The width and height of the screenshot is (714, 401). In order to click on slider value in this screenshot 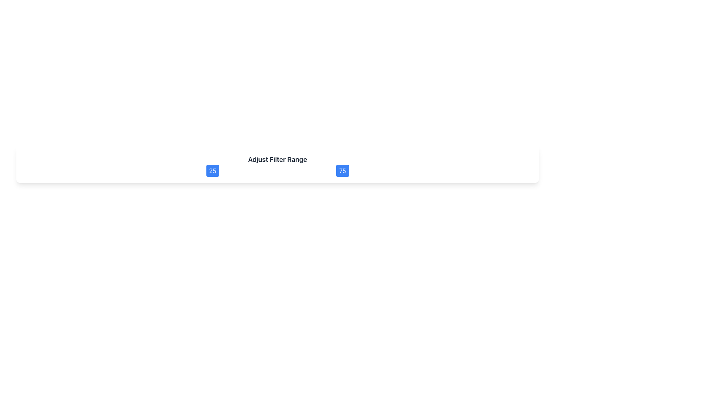, I will do `click(279, 175)`.